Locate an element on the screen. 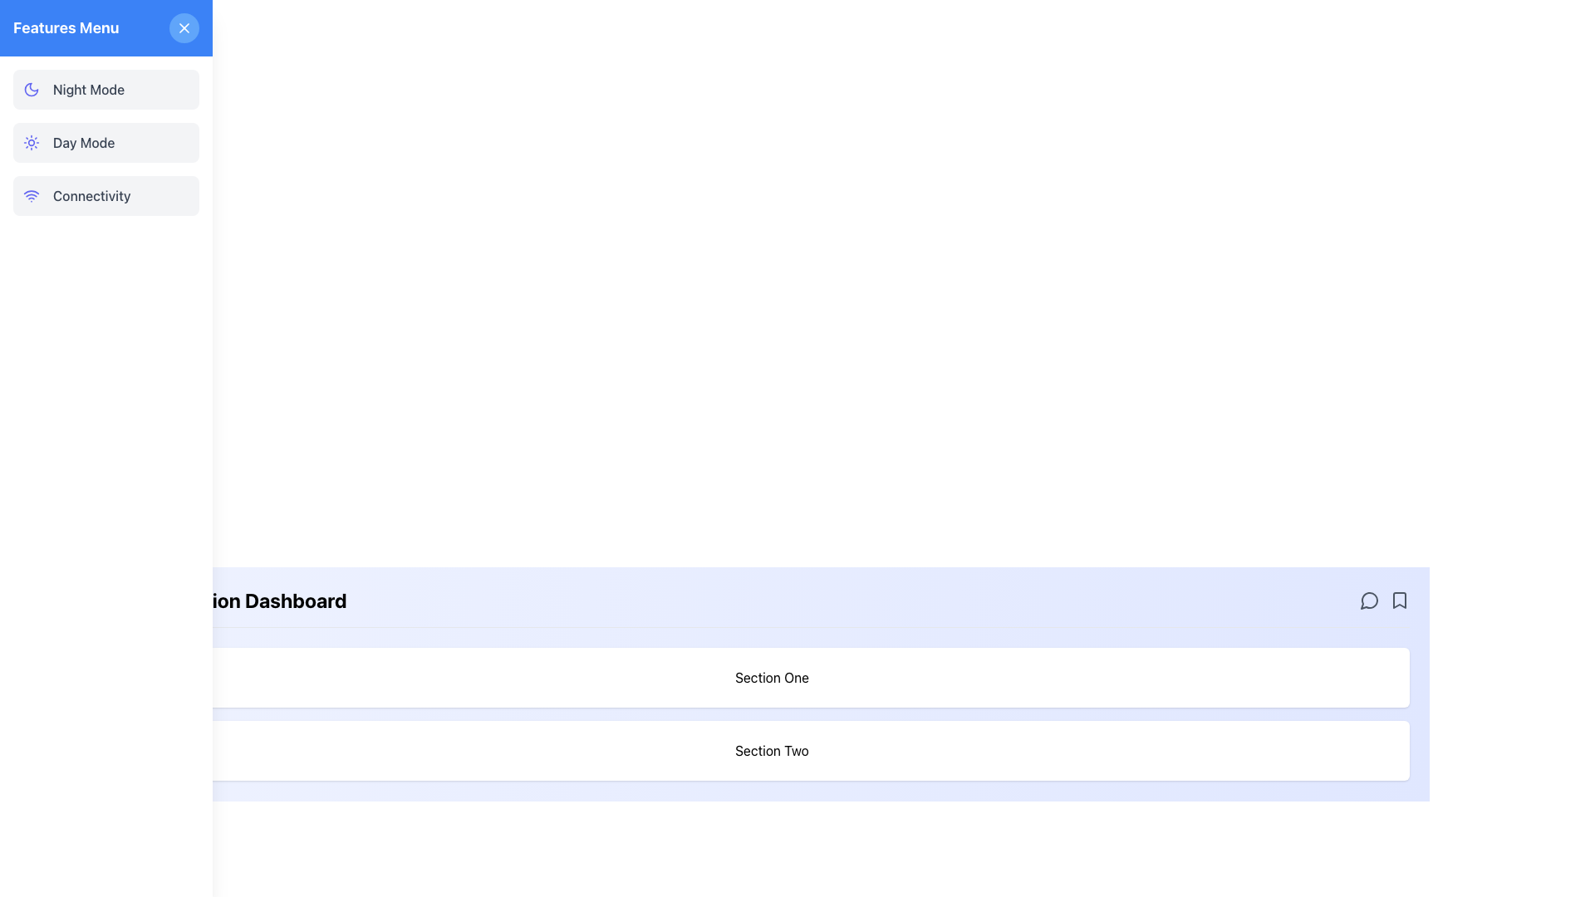 This screenshot has height=897, width=1595. the circular blue button with a white 'X' icon located in the upper-right corner of the 'Features Menu' bar to observe the background color change is located at coordinates (184, 28).